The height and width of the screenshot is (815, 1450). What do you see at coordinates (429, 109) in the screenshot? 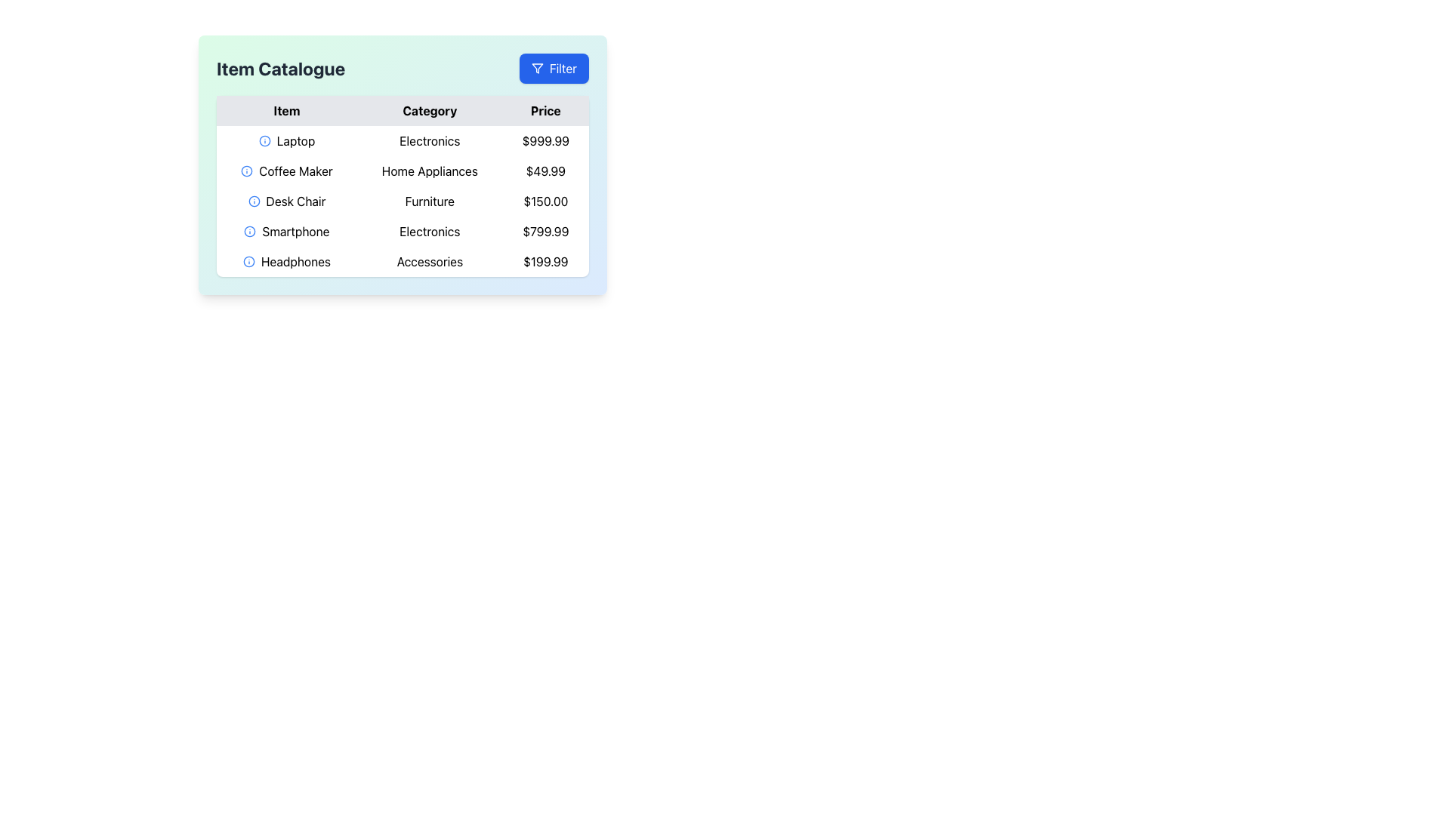
I see `the 'Category' column header text label in the table, which is located between the 'Item' header on the left and the 'Price' header on the right` at bounding box center [429, 109].